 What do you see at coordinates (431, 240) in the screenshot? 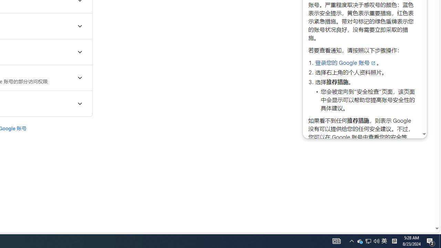
I see `'Action Center, 2 new notifications'` at bounding box center [431, 240].